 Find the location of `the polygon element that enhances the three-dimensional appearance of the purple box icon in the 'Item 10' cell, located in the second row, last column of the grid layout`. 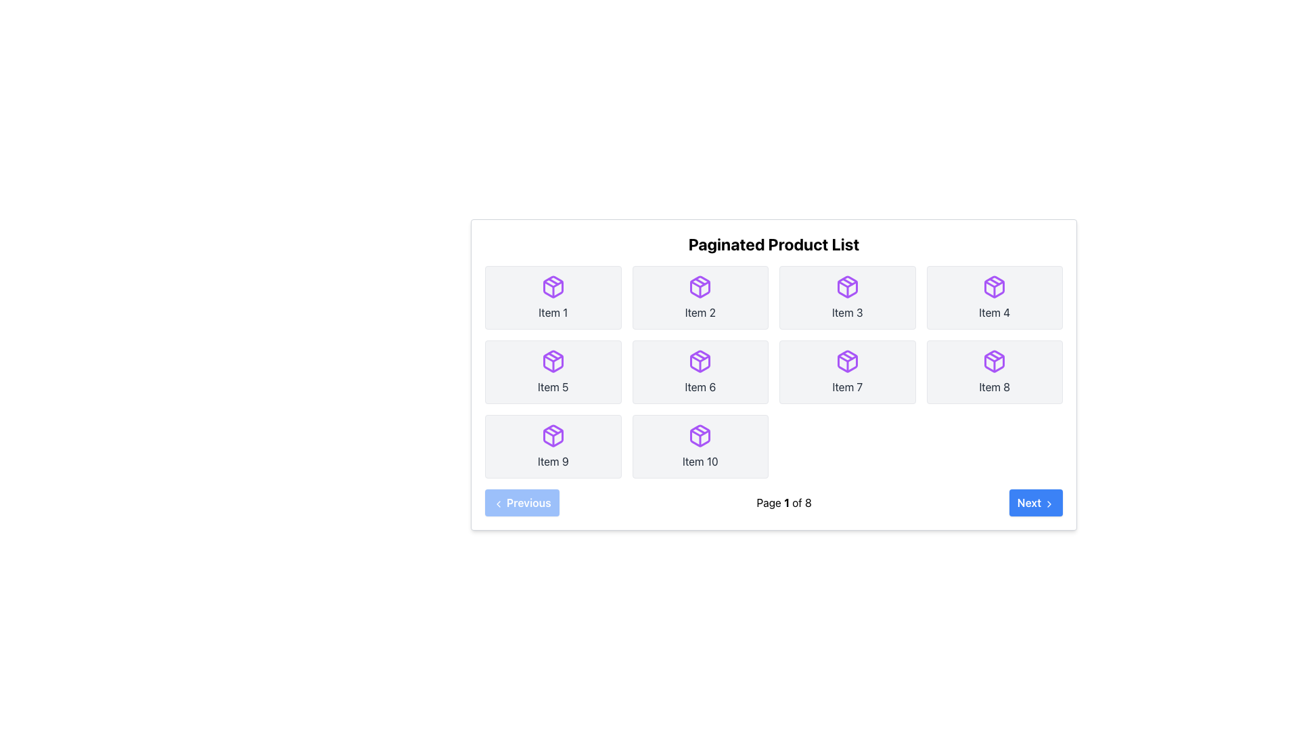

the polygon element that enhances the three-dimensional appearance of the purple box icon in the 'Item 10' cell, located in the second row, last column of the grid layout is located at coordinates (700, 433).